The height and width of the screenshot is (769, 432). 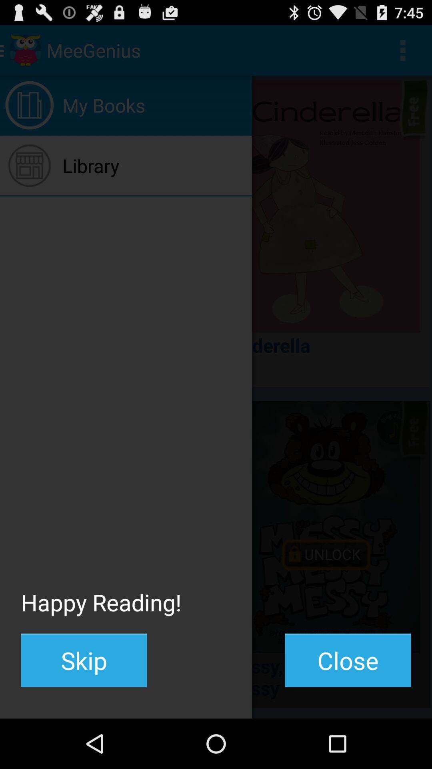 I want to click on skip button, so click(x=84, y=660).